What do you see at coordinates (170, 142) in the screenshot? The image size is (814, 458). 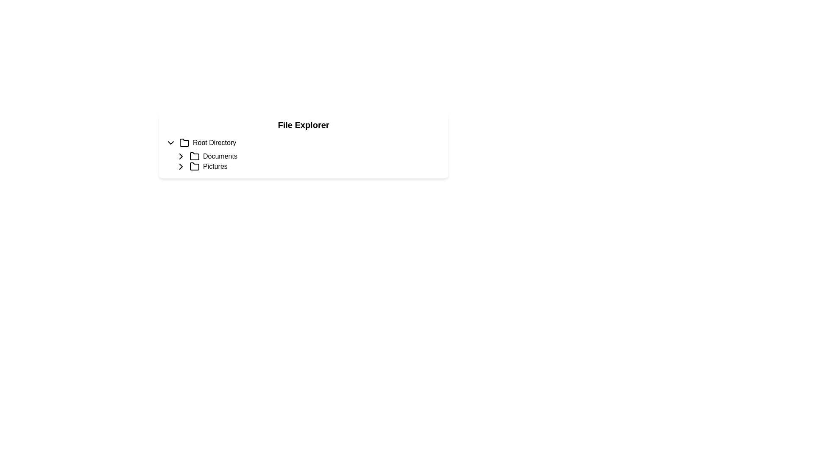 I see `the chevron icon located at the top-left of the 'Root Directory' row` at bounding box center [170, 142].